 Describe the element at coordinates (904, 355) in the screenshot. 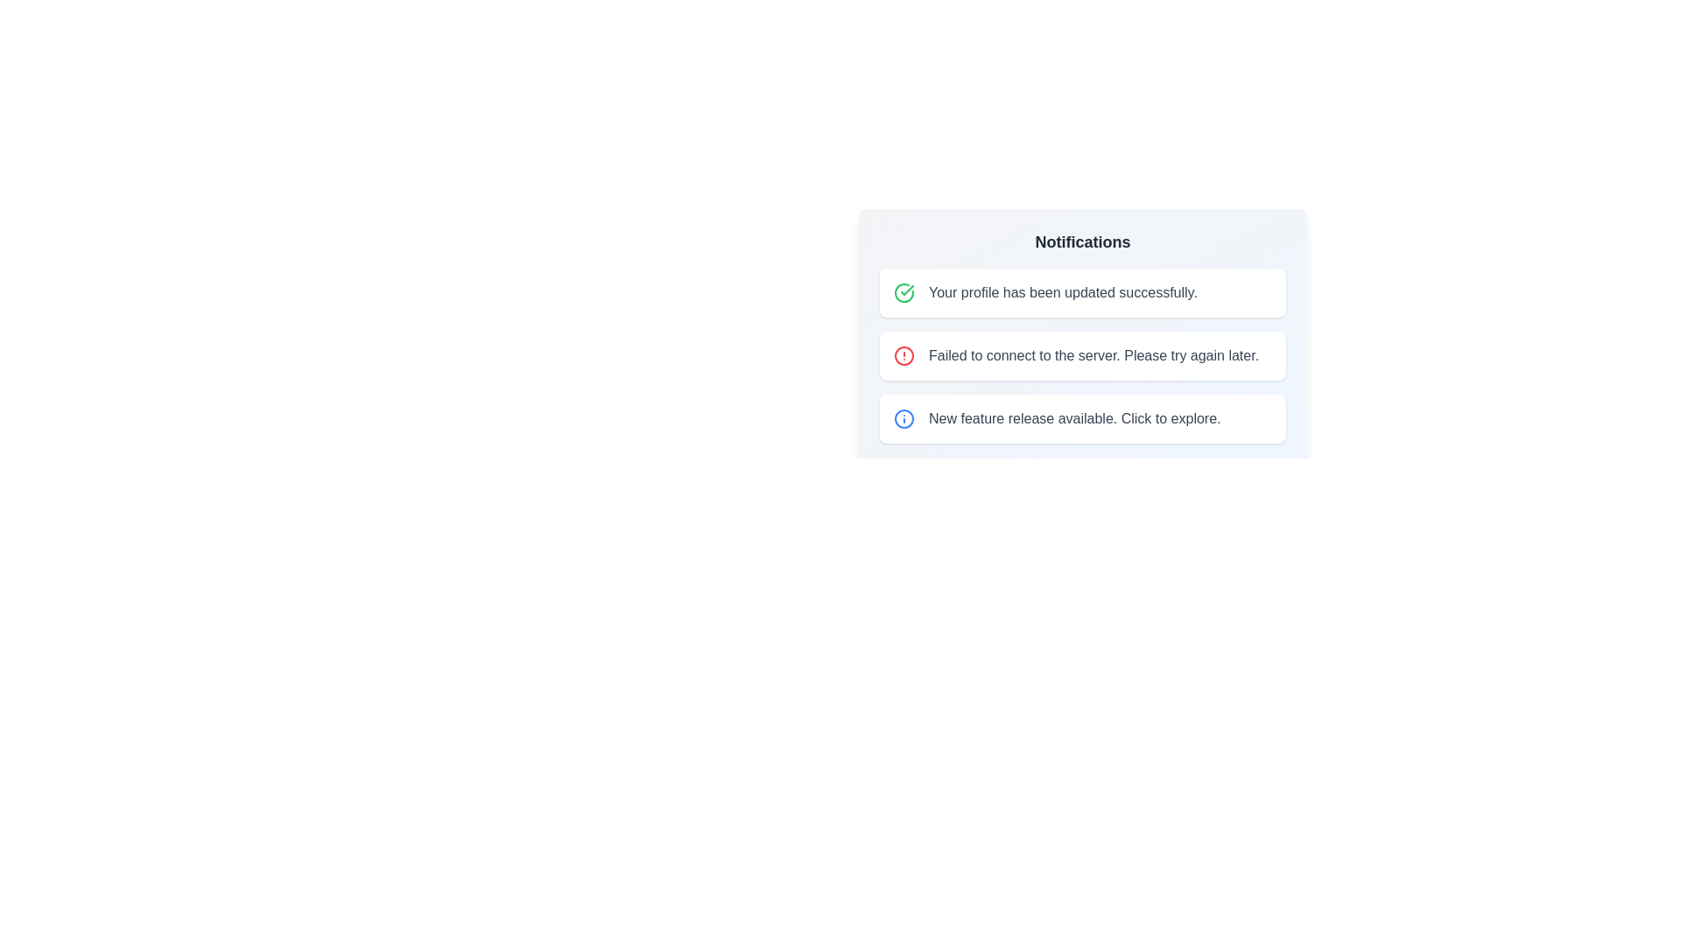

I see `the SVG circle that serves as the decorative part of the warning icon located in the middle item of the 'Notifications' section` at that location.